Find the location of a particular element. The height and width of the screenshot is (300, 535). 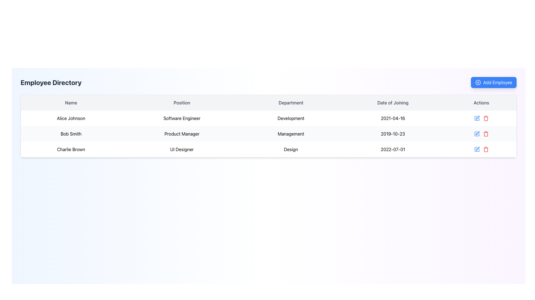

the icons or buttons contained in the action area of the fifth cell in the row for 'Bob Smith' in the 'Actions' column is located at coordinates (481, 134).